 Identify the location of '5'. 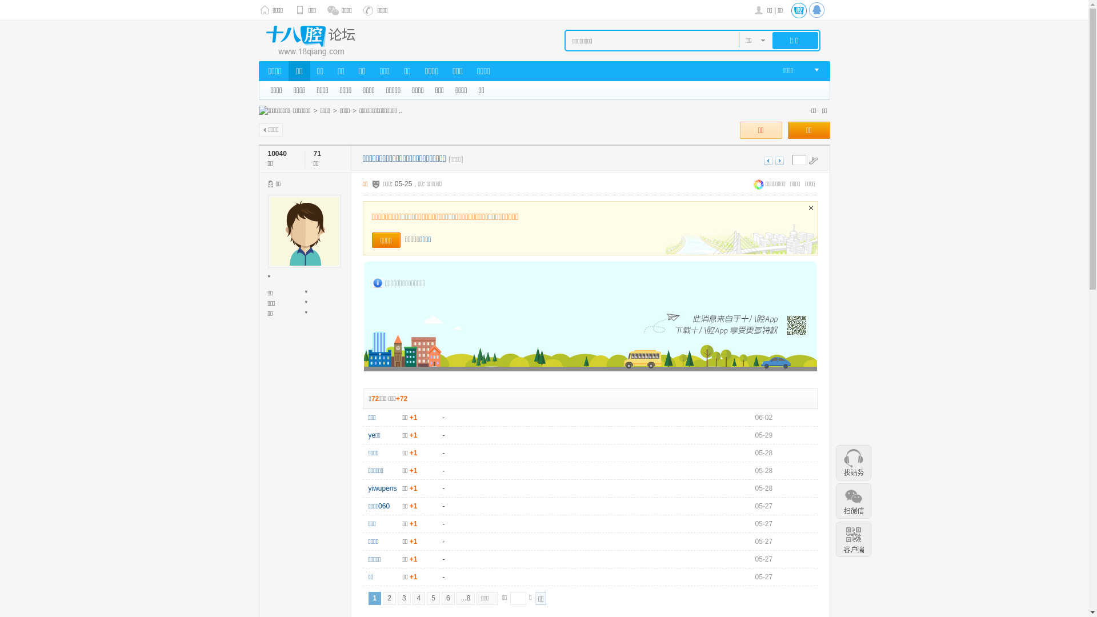
(433, 598).